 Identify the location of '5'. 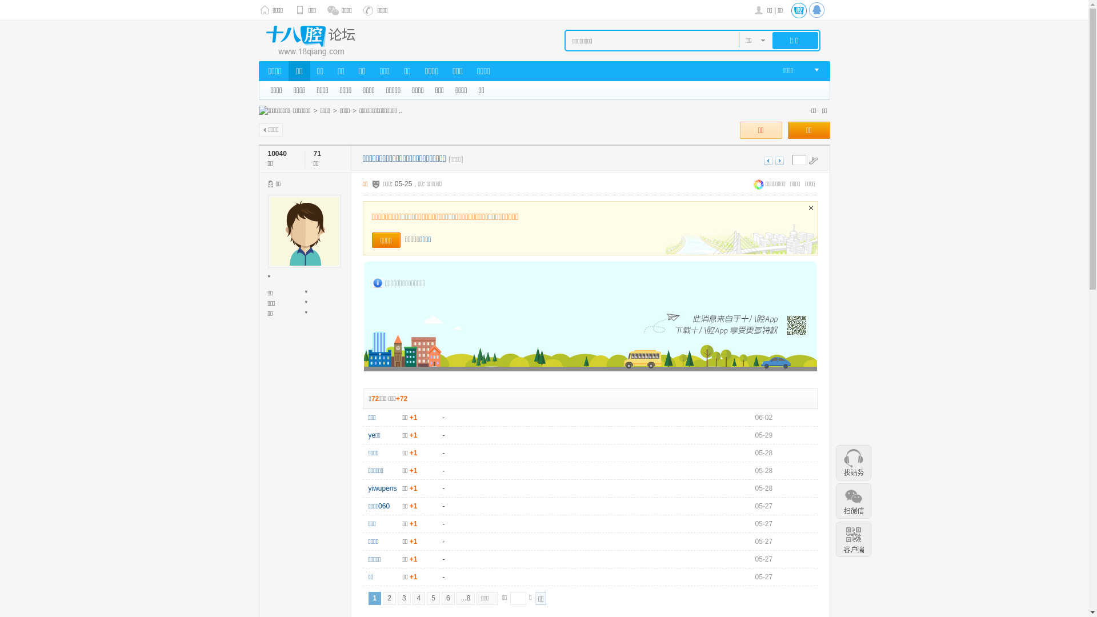
(433, 598).